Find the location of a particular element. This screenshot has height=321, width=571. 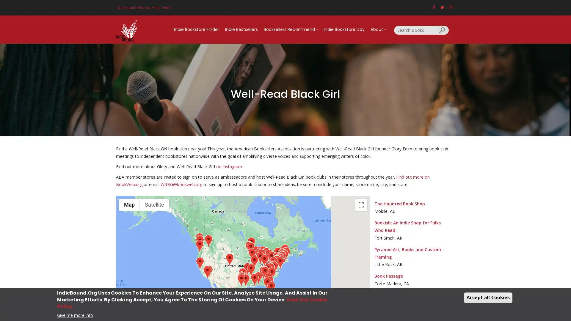

Kindred Stories is located at coordinates (245, 280).